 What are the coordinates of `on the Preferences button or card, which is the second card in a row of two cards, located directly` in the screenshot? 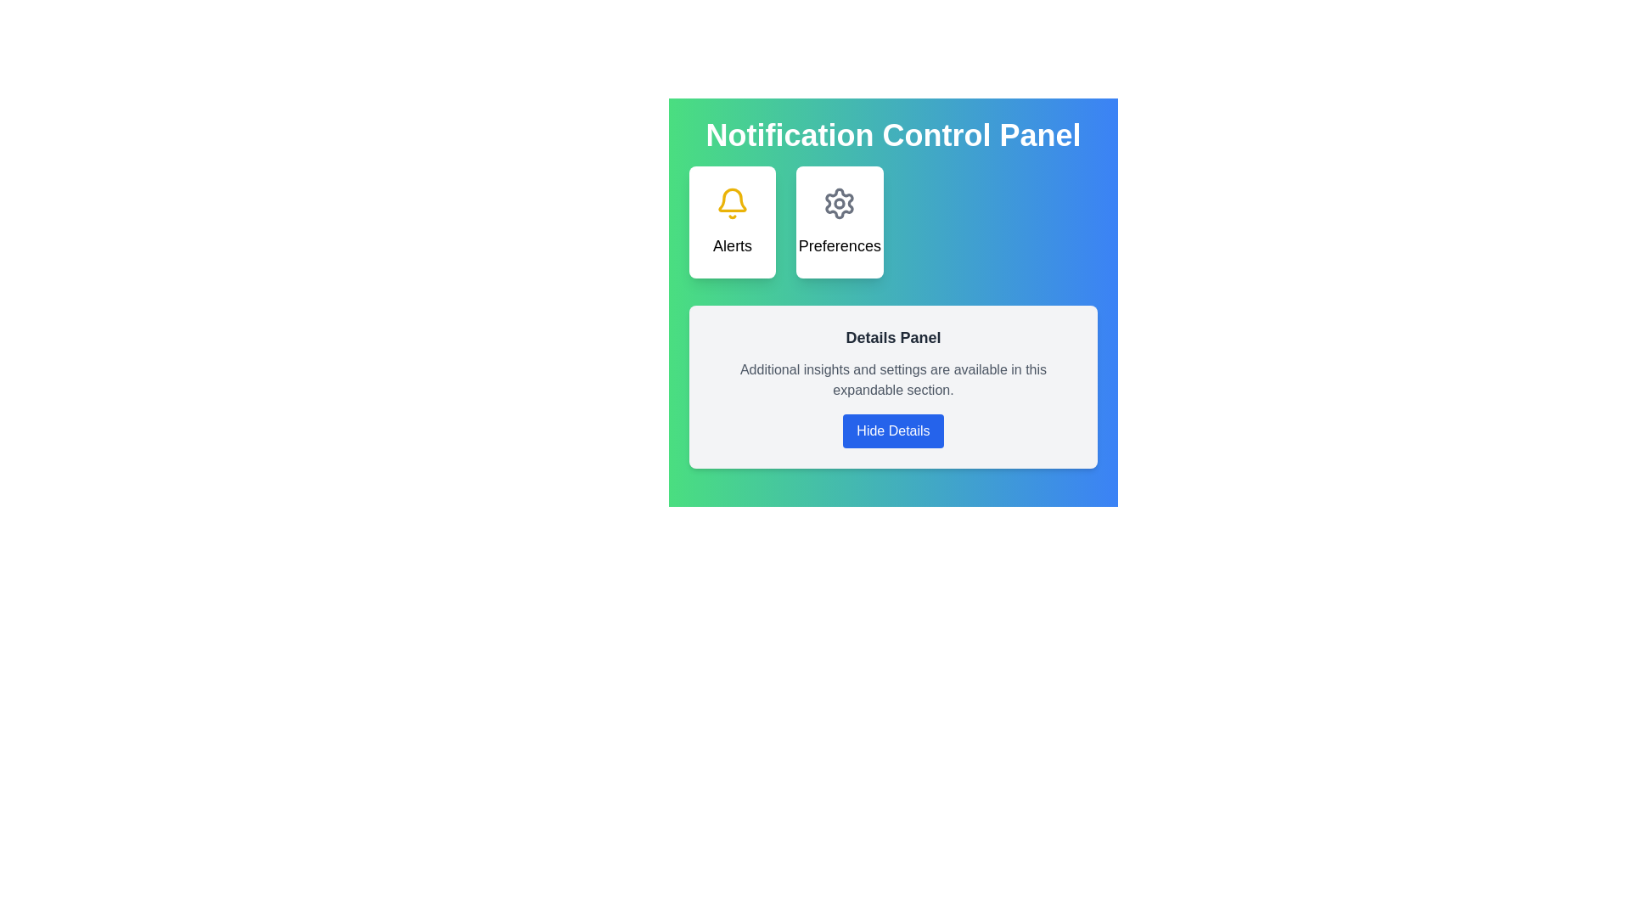 It's located at (840, 222).